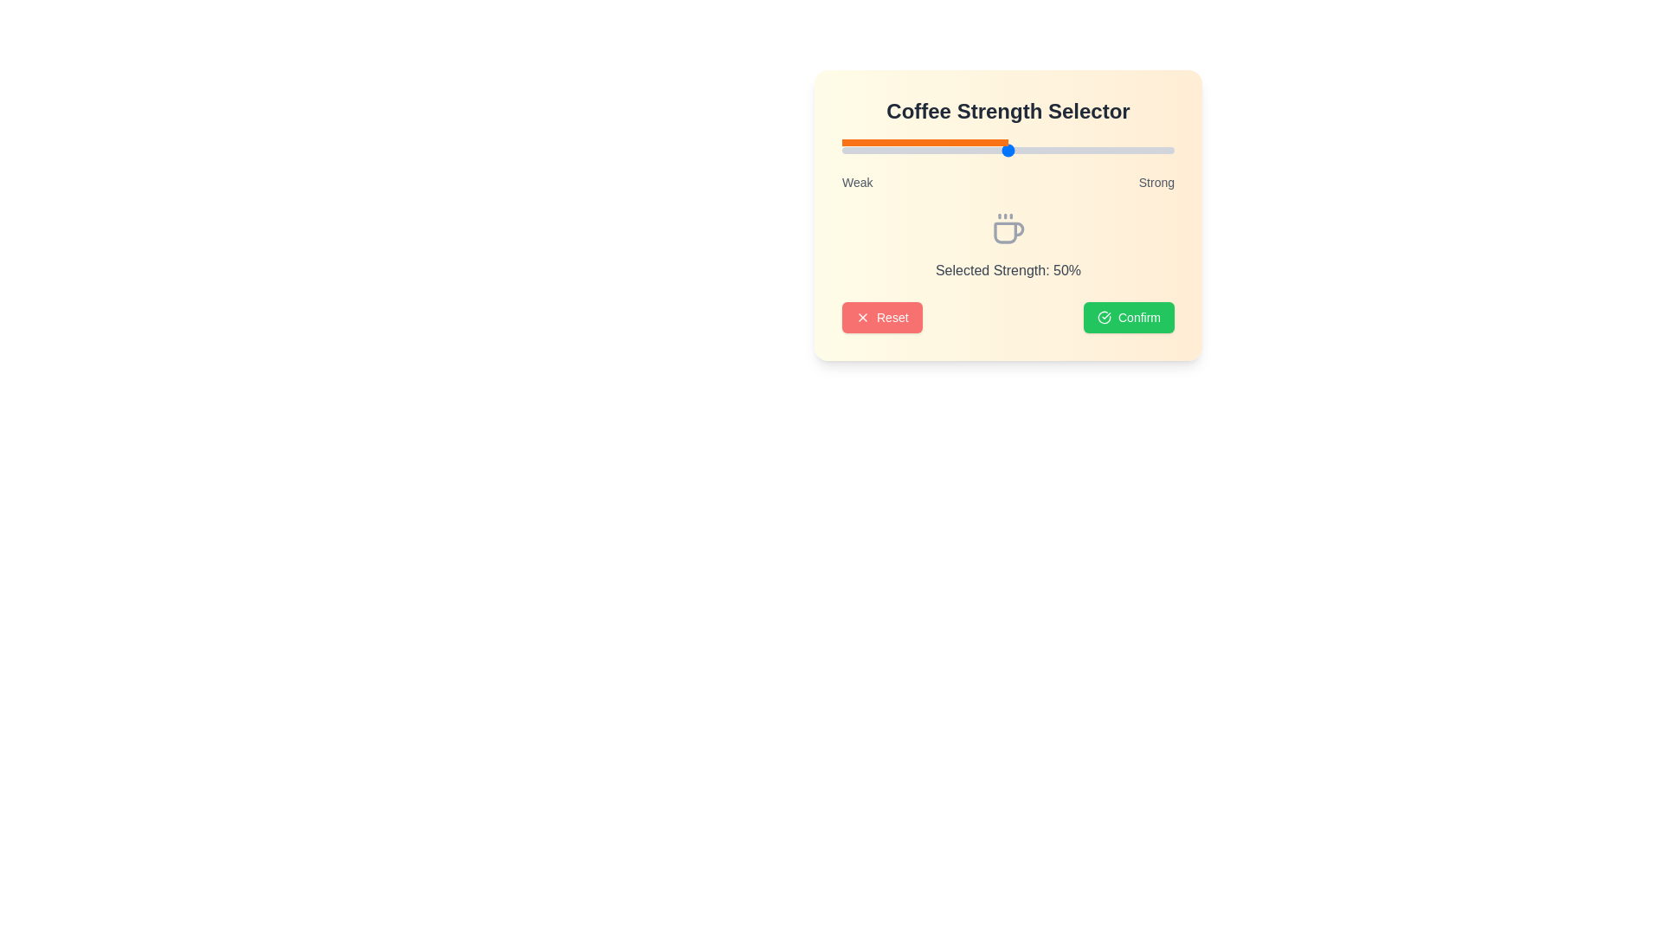  I want to click on the coffee cup icon, which is styled with a modern stroke design, shaded in gray, and has three vertical steam lines above it. This icon is located below the 'Coffee Strength Selector' heading and above the 'Reset' and 'Confirm' buttons, so click(1008, 229).